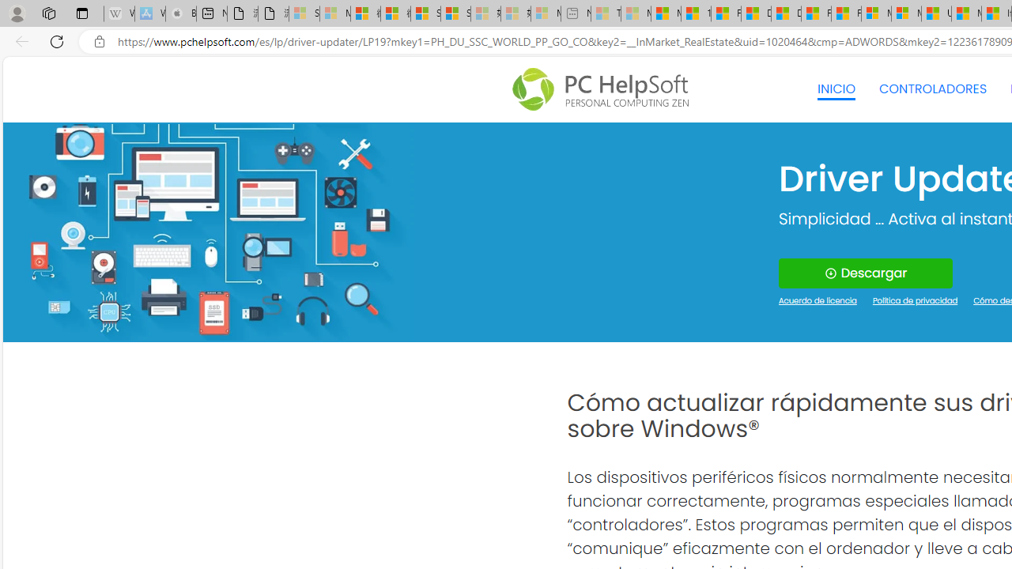 The height and width of the screenshot is (569, 1012). I want to click on 'Generic', so click(207, 232).